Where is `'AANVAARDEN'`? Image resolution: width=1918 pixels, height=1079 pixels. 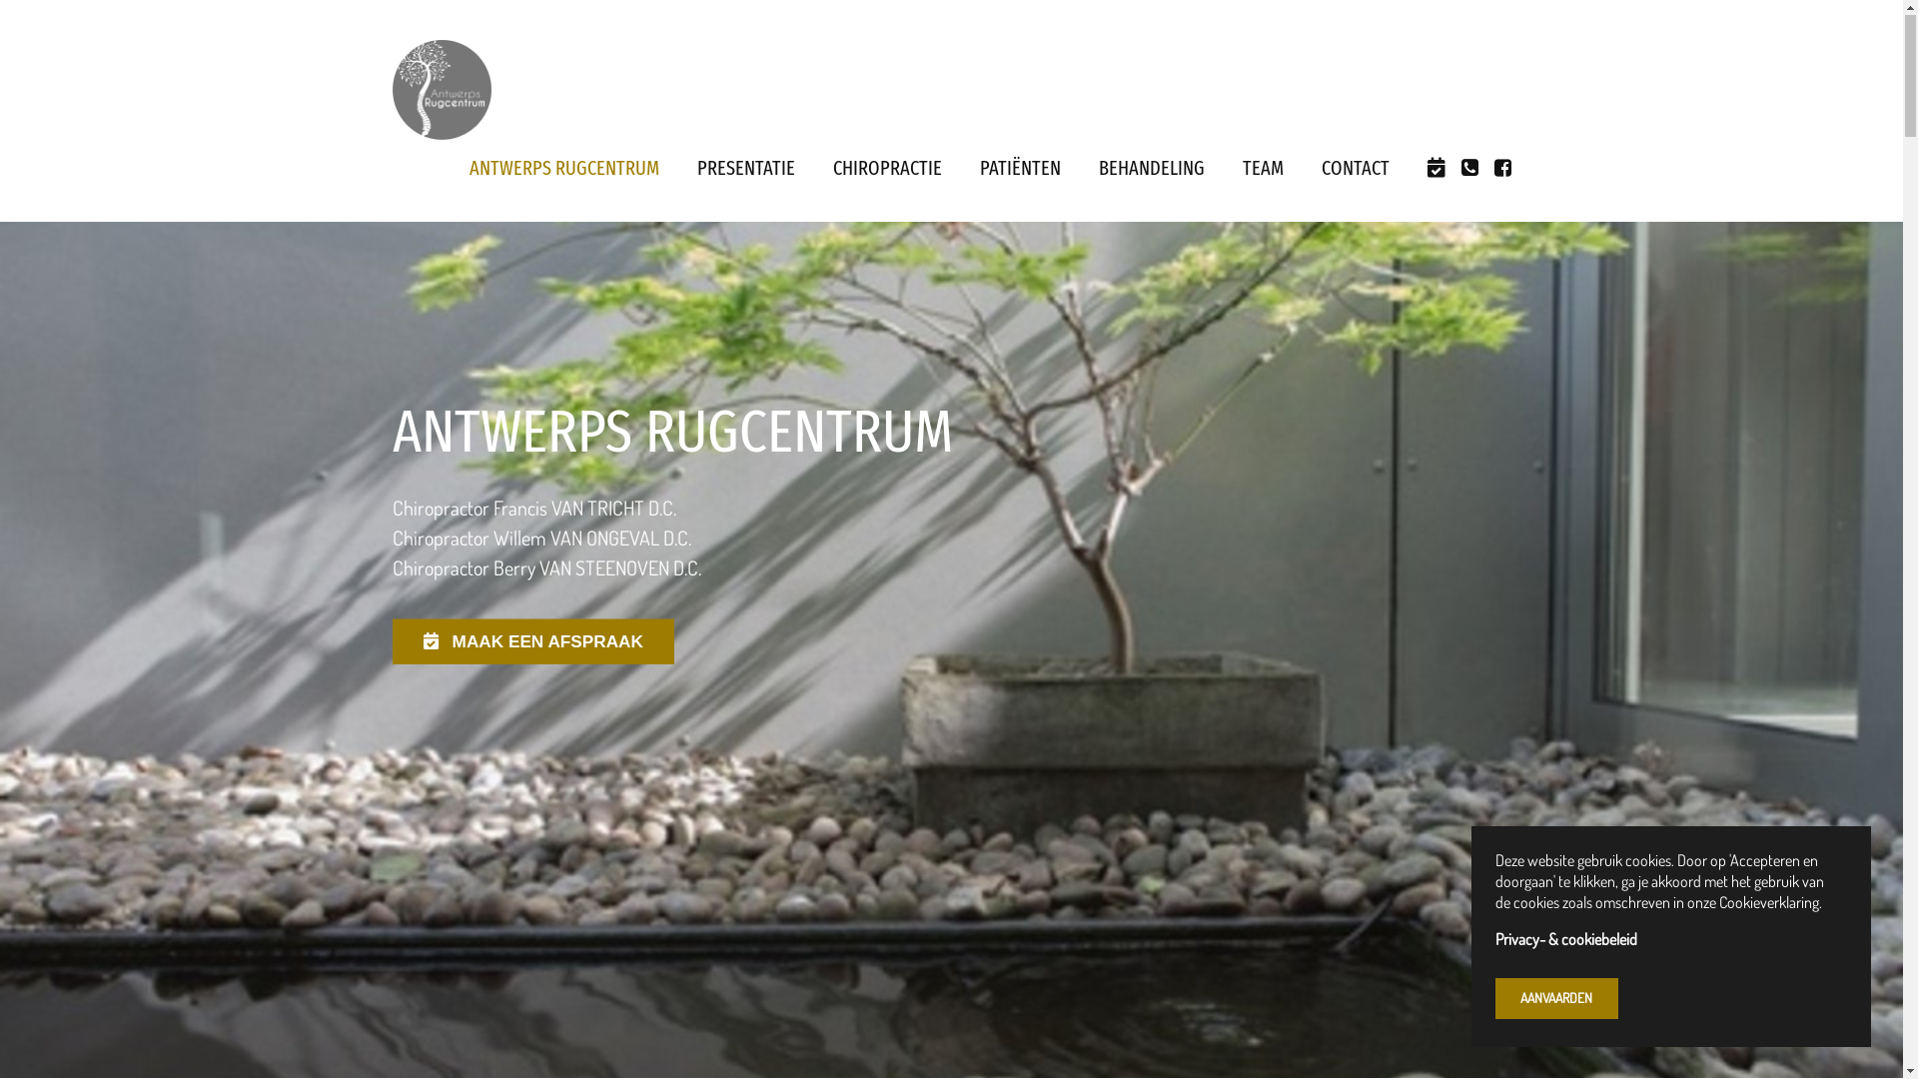 'AANVAARDEN' is located at coordinates (1495, 999).